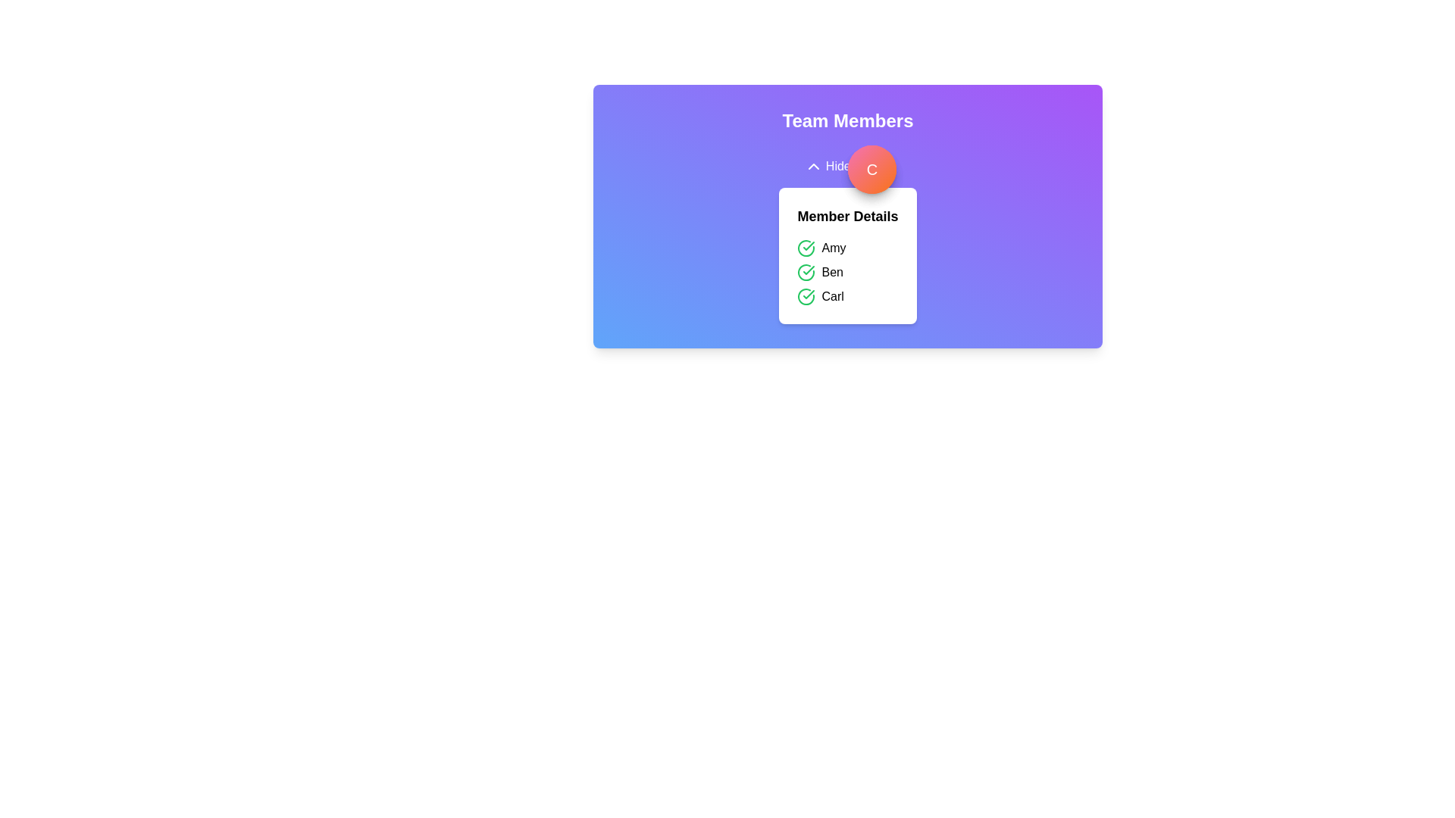 This screenshot has width=1455, height=818. What do you see at coordinates (833, 247) in the screenshot?
I see `the text label representing a member's name, which is the first element in a vertically aligned list within a card-like component` at bounding box center [833, 247].